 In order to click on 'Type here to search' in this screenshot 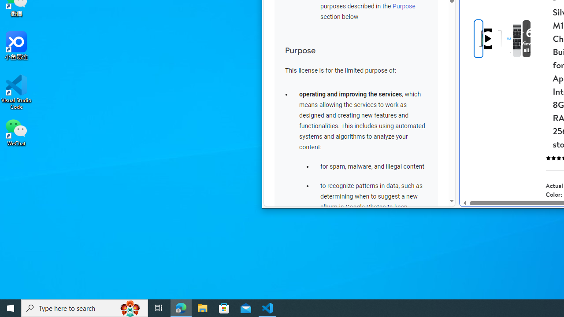, I will do `click(85, 307)`.